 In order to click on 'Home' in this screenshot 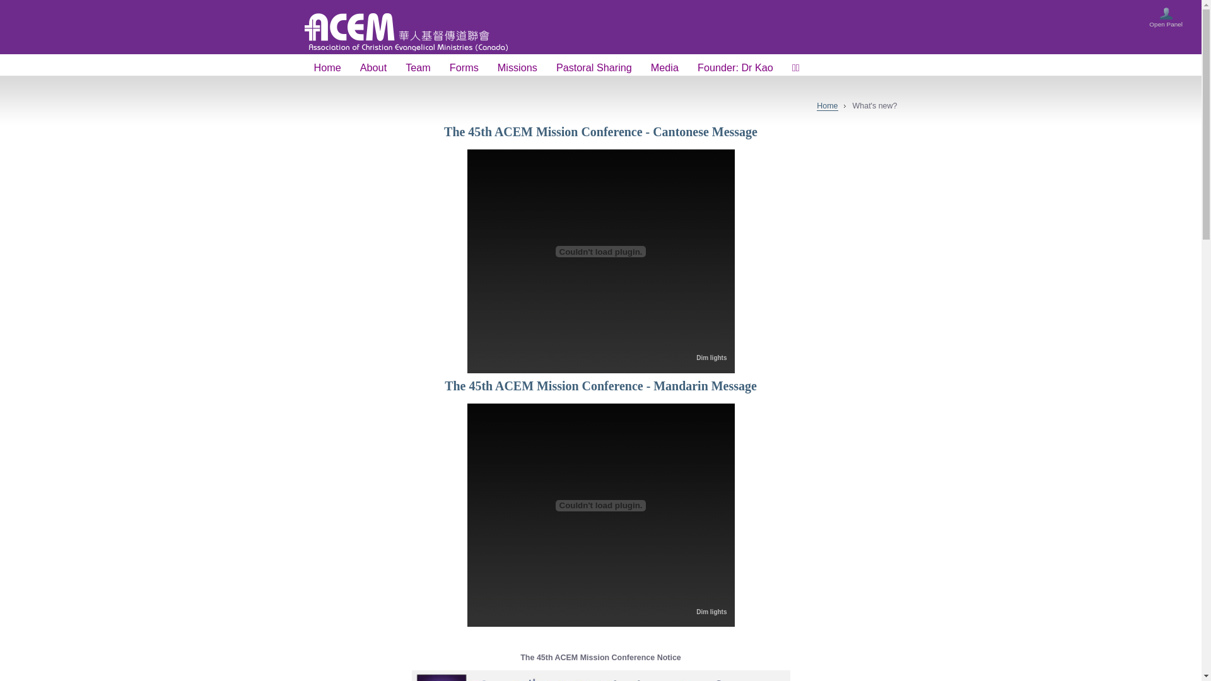, I will do `click(327, 68)`.